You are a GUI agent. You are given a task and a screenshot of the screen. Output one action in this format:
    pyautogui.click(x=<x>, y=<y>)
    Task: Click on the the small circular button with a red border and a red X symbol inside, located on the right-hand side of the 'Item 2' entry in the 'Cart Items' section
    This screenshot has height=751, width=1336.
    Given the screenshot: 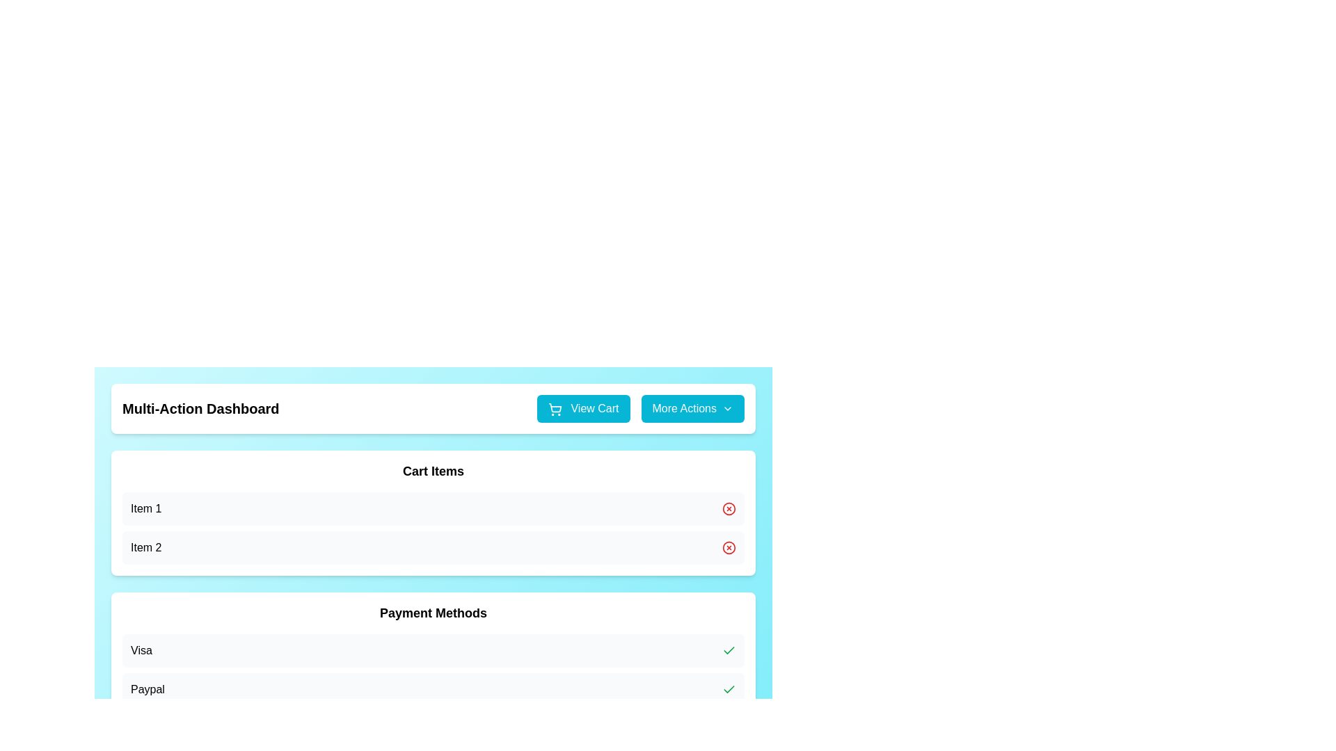 What is the action you would take?
    pyautogui.click(x=728, y=547)
    